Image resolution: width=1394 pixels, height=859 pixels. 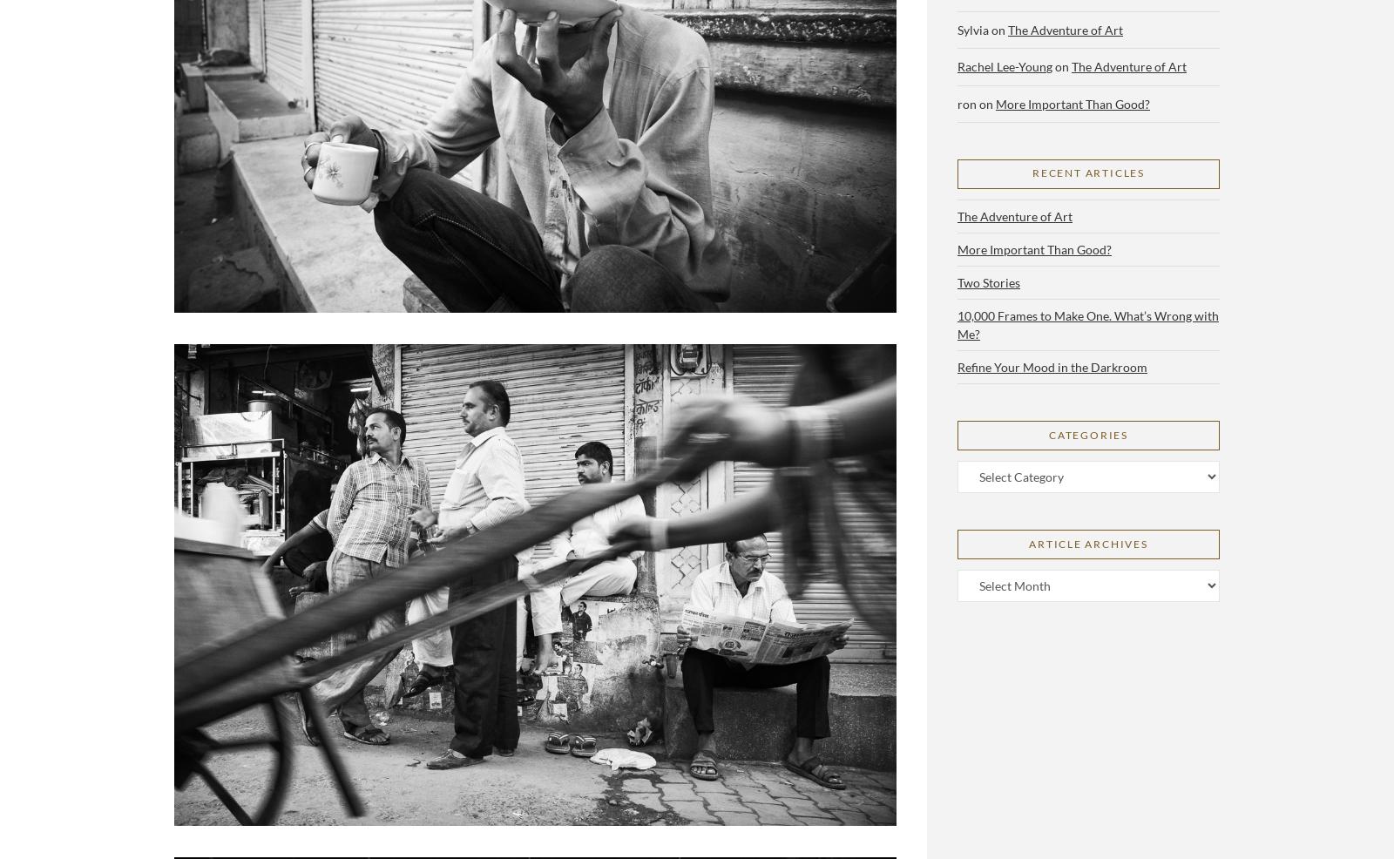 I want to click on 'Categories', so click(x=1086, y=433).